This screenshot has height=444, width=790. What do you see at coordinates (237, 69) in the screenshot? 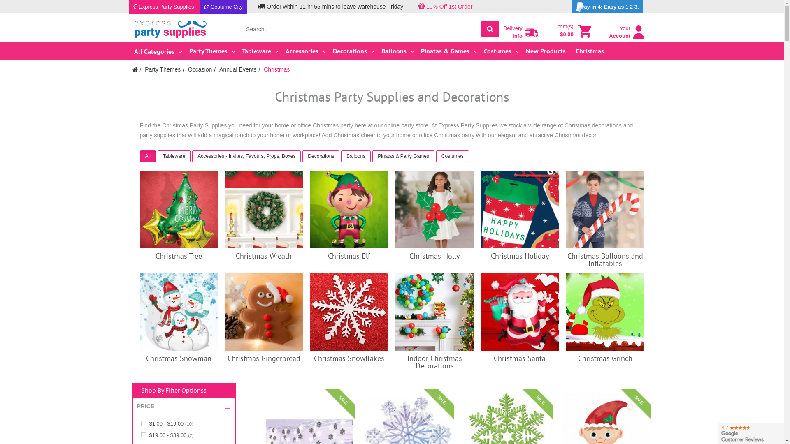
I see `'Annual Events'` at bounding box center [237, 69].